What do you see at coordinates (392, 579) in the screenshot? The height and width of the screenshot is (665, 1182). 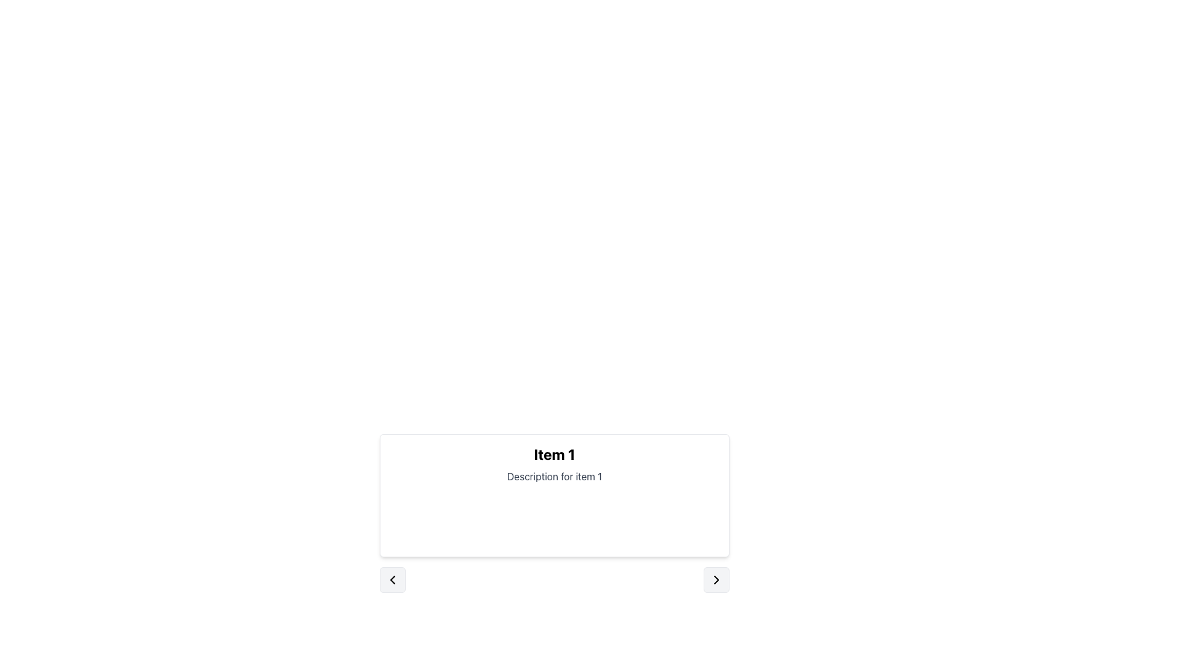 I see `the leftward SVG Arrow button located in the bottom-left corner of the navigation area beneath the 'Item 1' content card` at bounding box center [392, 579].